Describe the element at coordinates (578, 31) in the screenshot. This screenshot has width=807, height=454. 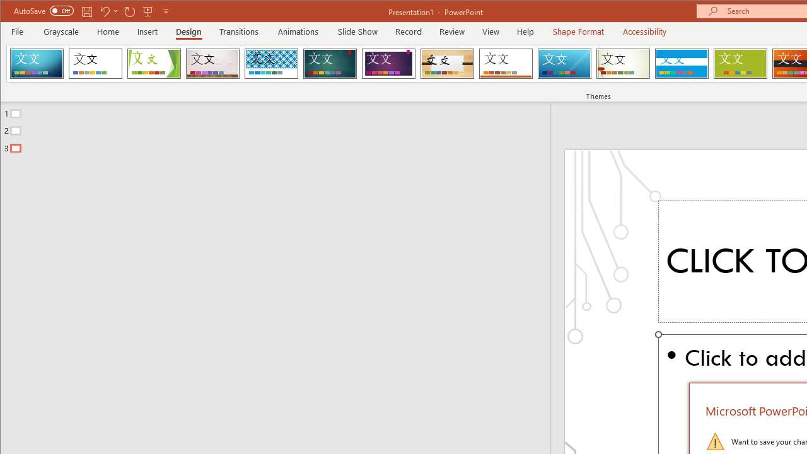
I see `'Shape Format'` at that location.